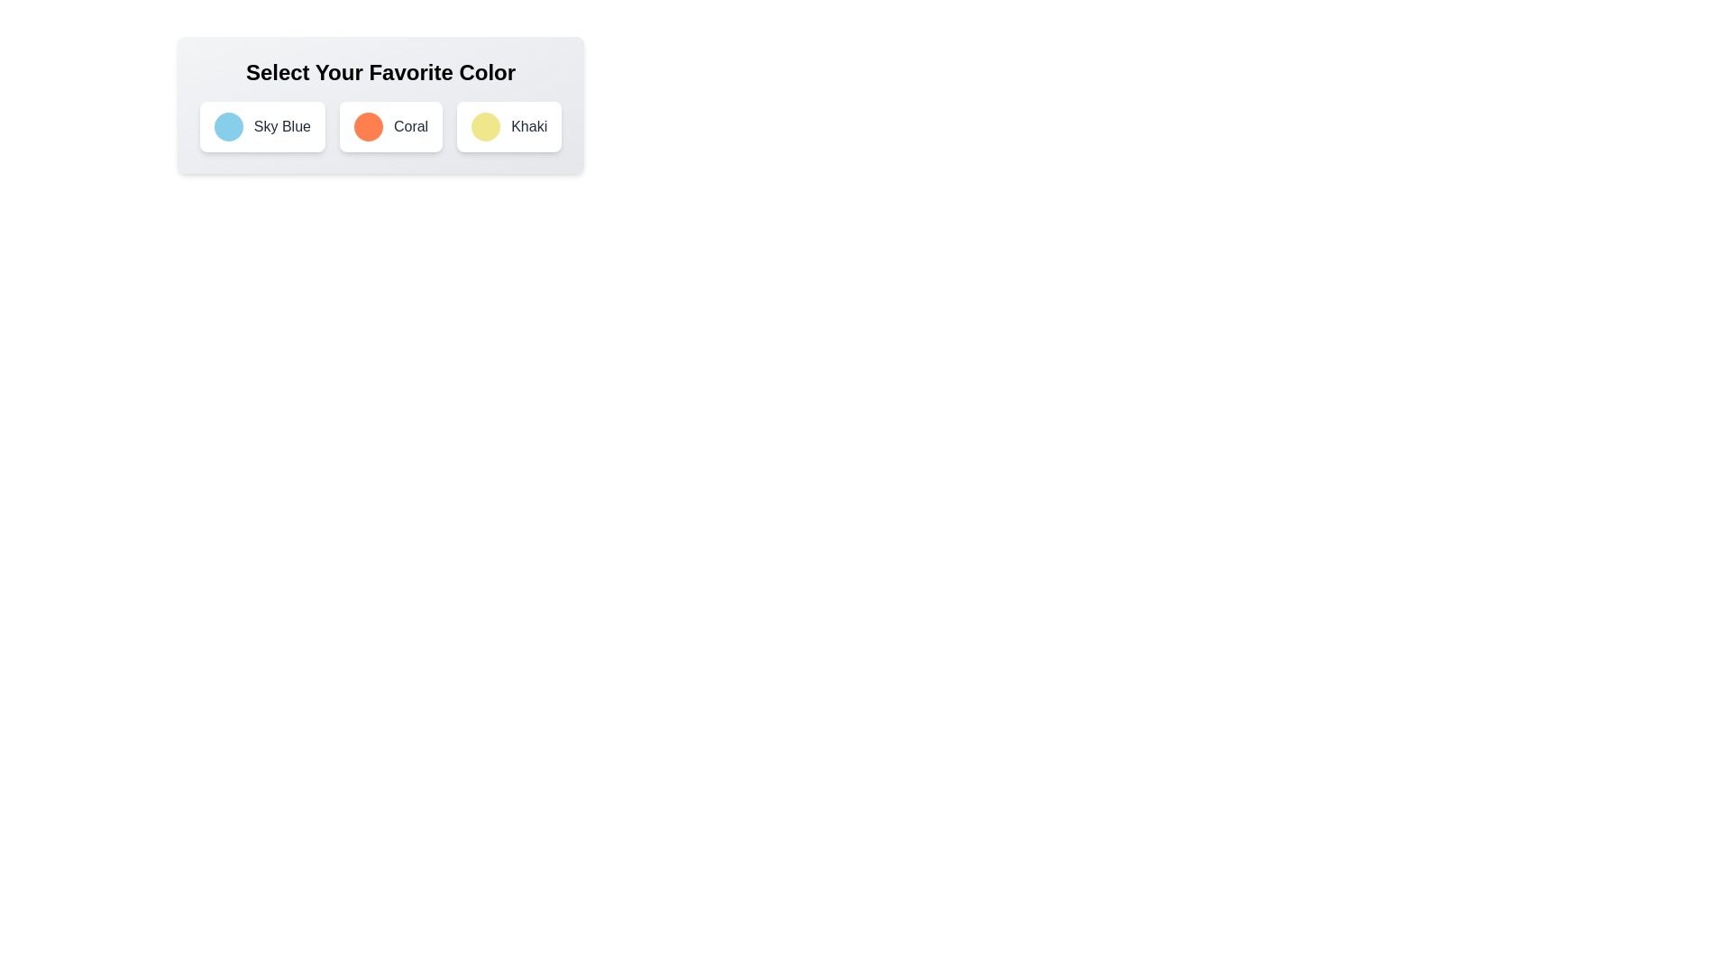 This screenshot has height=973, width=1731. I want to click on the layout of the swatches by selecting Khaki, so click(508, 126).